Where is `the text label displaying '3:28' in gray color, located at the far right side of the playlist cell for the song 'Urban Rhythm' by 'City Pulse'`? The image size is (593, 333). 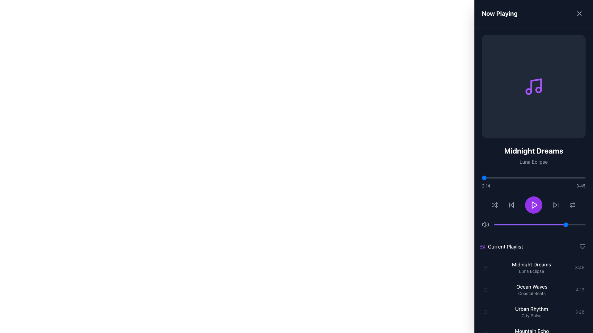 the text label displaying '3:28' in gray color, located at the far right side of the playlist cell for the song 'Urban Rhythm' by 'City Pulse' is located at coordinates (579, 312).